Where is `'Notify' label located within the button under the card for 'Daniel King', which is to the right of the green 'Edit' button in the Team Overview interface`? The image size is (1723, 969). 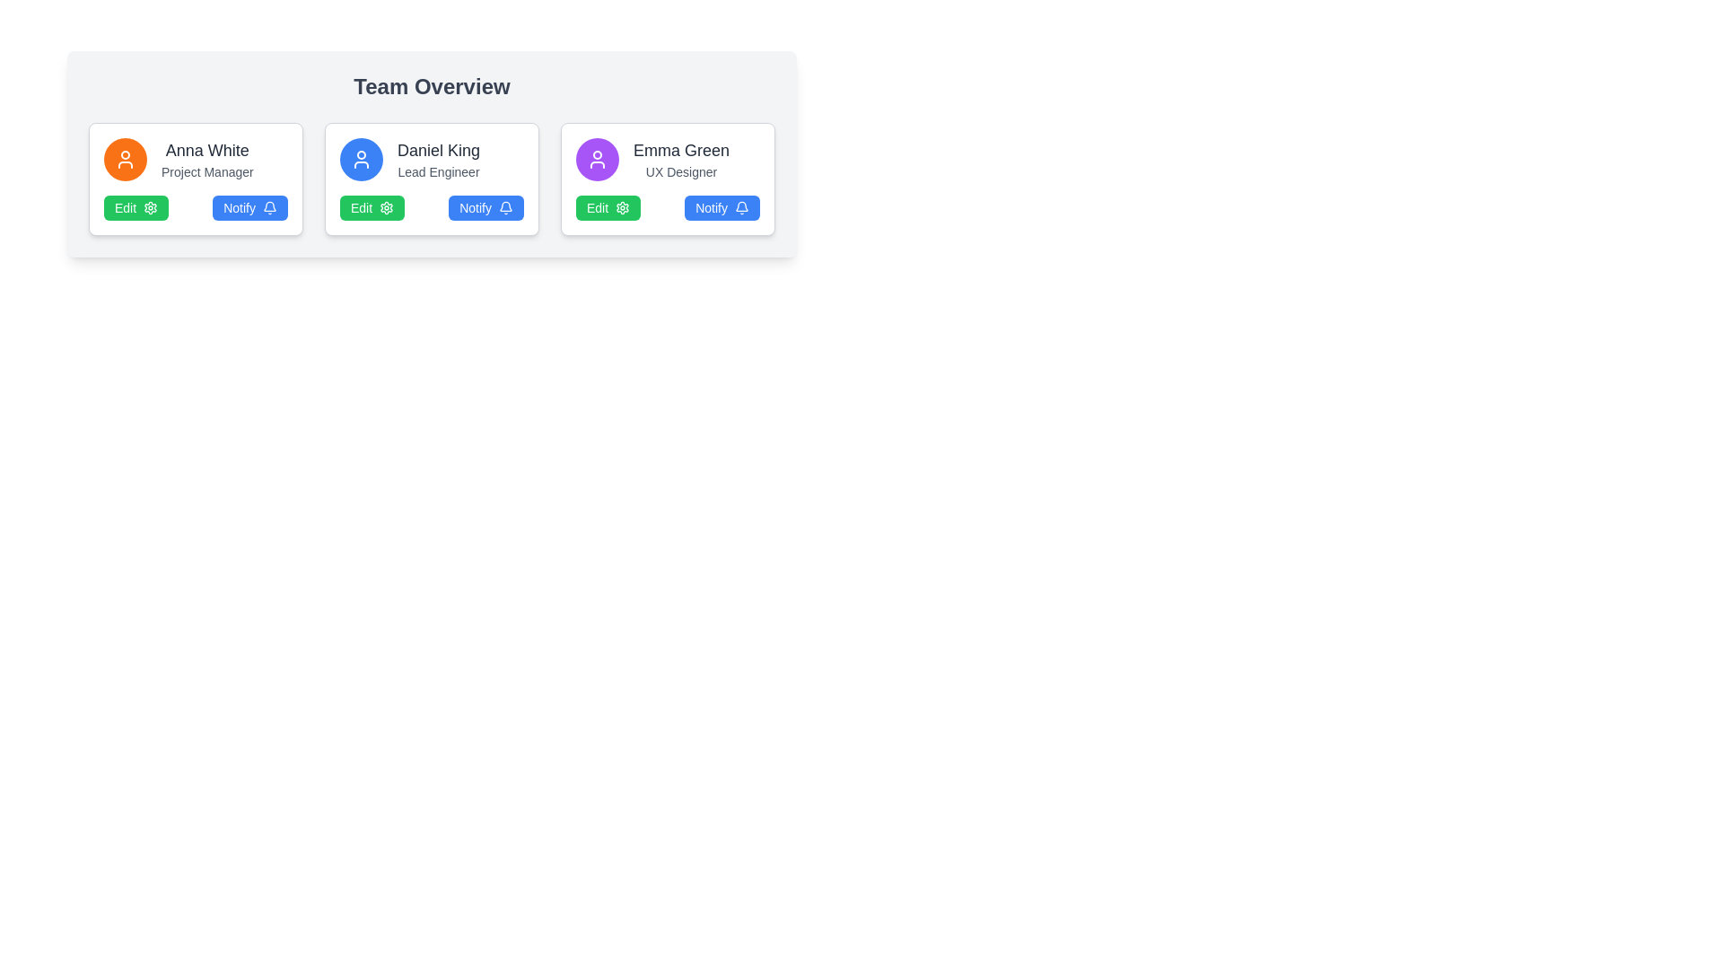
'Notify' label located within the button under the card for 'Daniel King', which is to the right of the green 'Edit' button in the Team Overview interface is located at coordinates (476, 206).